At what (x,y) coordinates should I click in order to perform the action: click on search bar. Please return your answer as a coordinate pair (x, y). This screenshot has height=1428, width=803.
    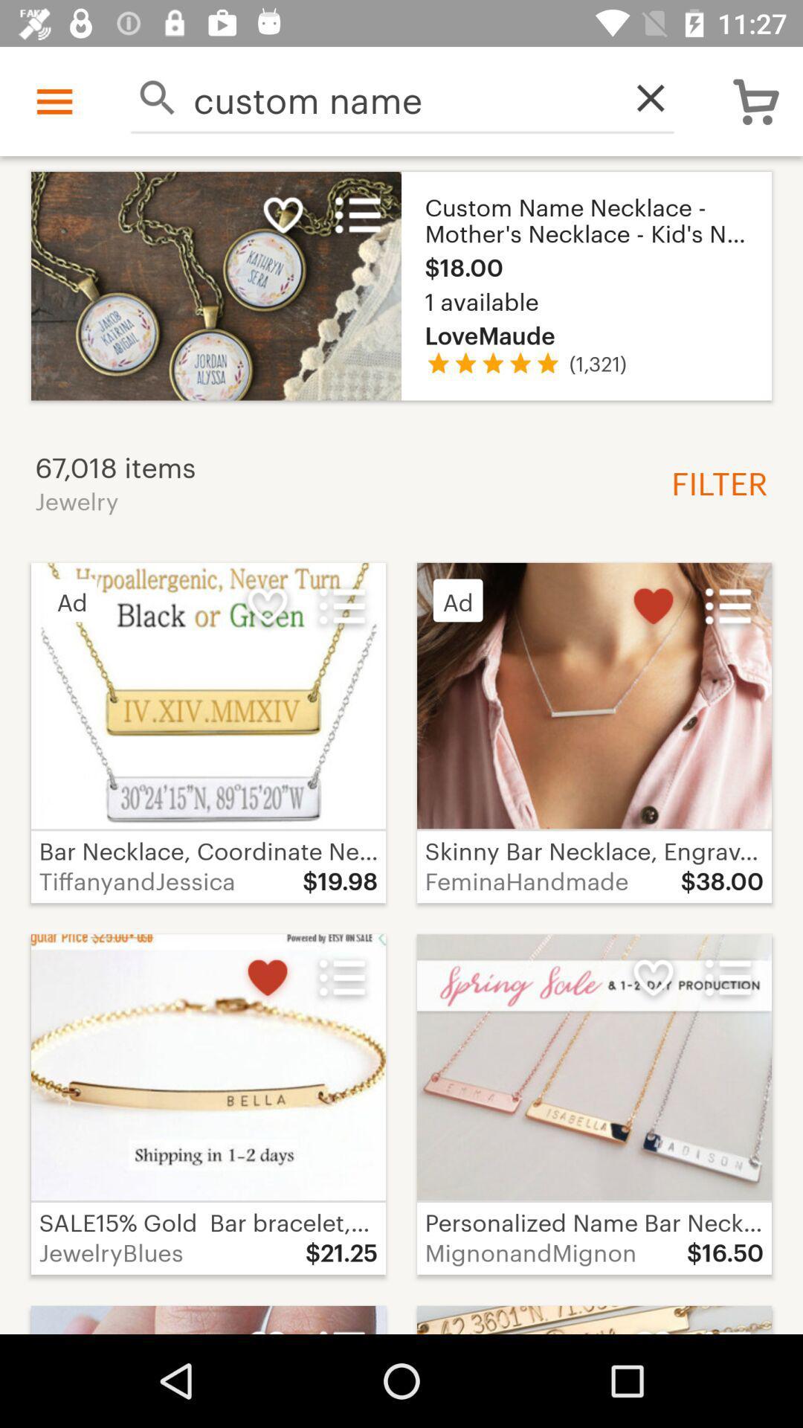
    Looking at the image, I should click on (162, 97).